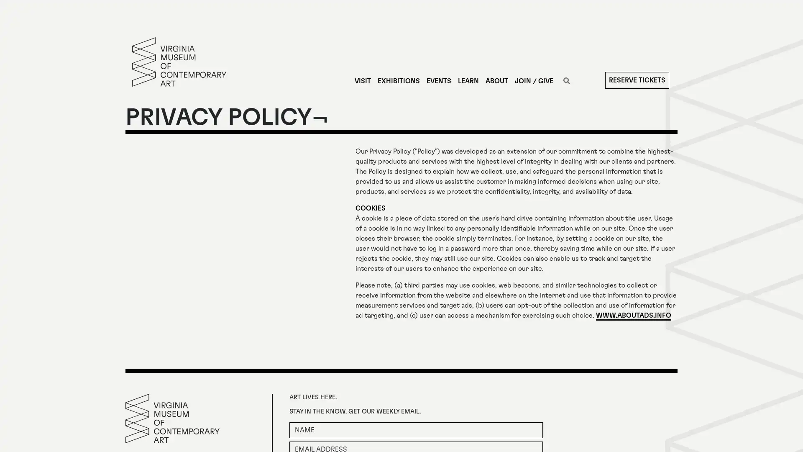  I want to click on VISIT, so click(362, 81).